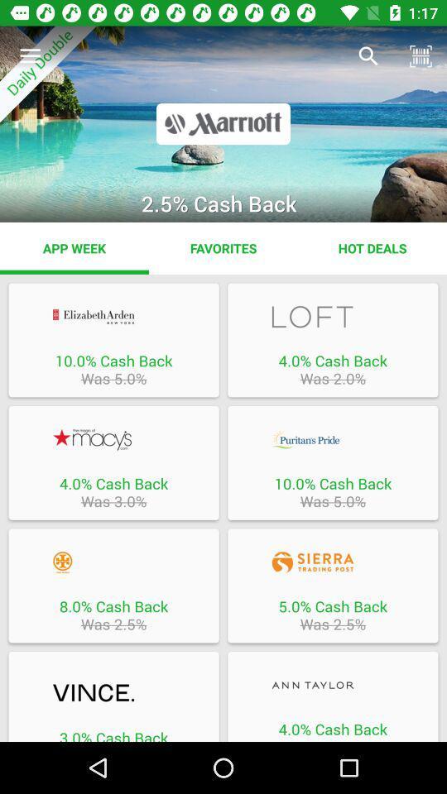 The image size is (447, 794). I want to click on offer details, so click(113, 694).